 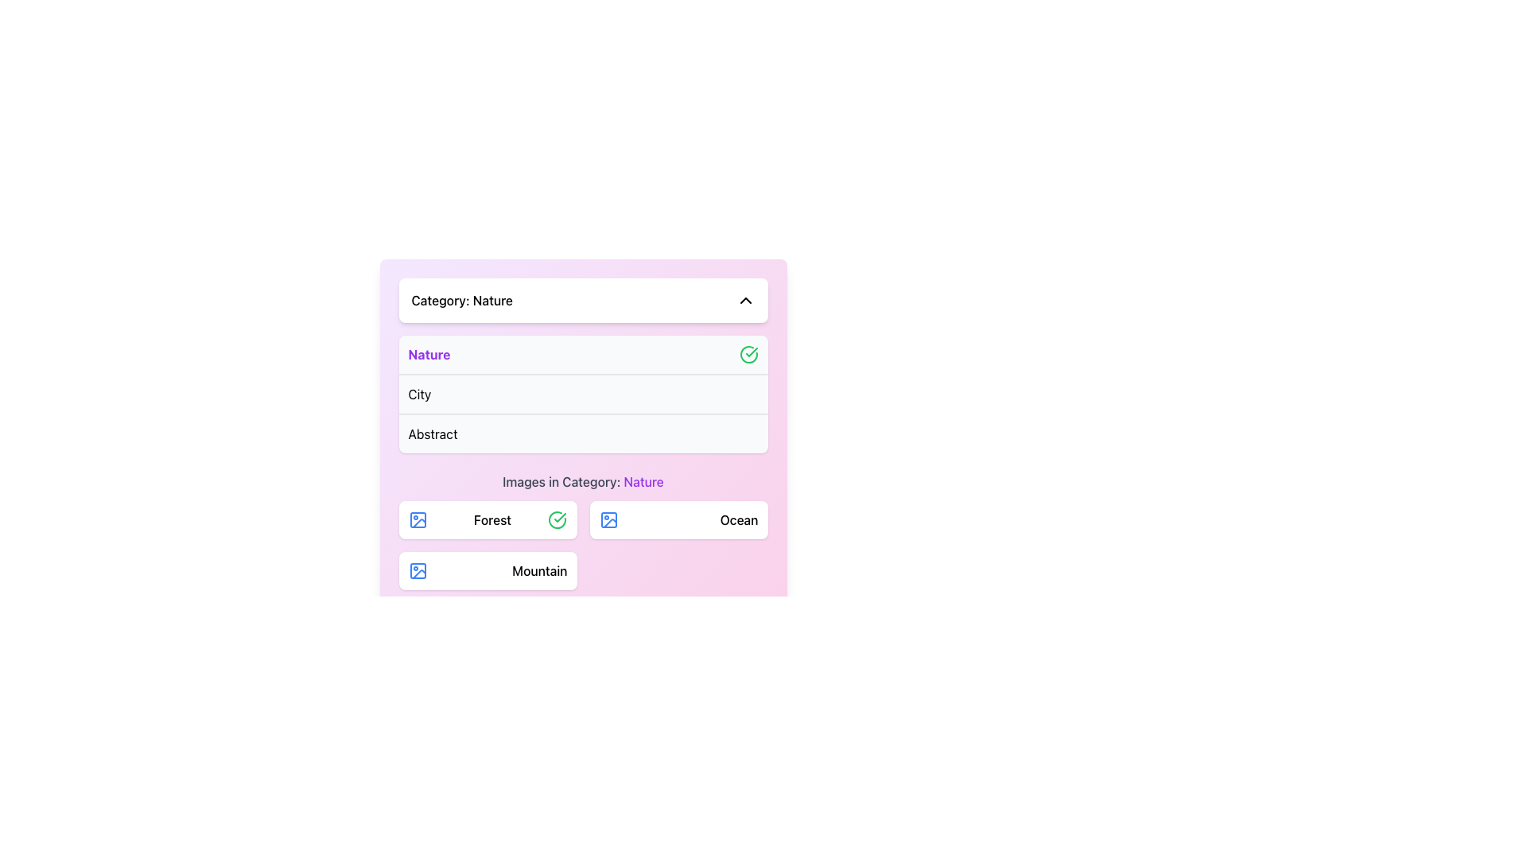 I want to click on the green checkmark icon within the circular outline on the rightmost side of the 'Forest' selection card, so click(x=558, y=520).